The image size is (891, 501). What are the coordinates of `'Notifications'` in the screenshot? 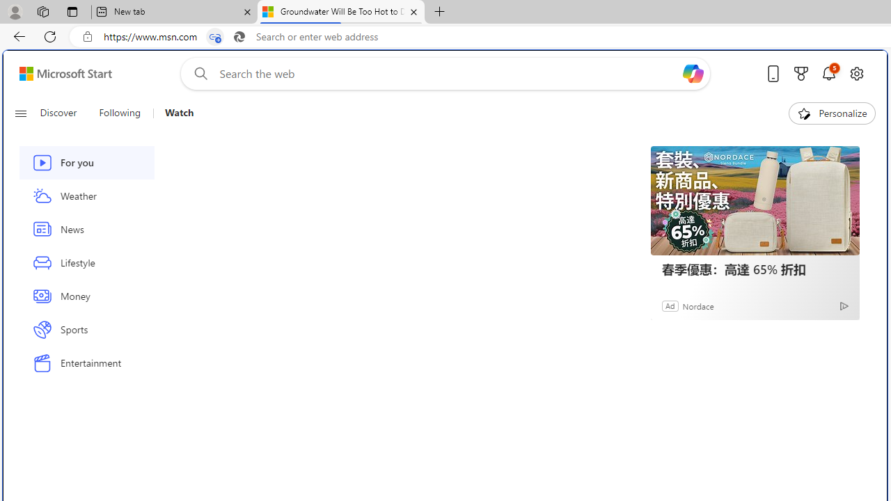 It's located at (829, 73).